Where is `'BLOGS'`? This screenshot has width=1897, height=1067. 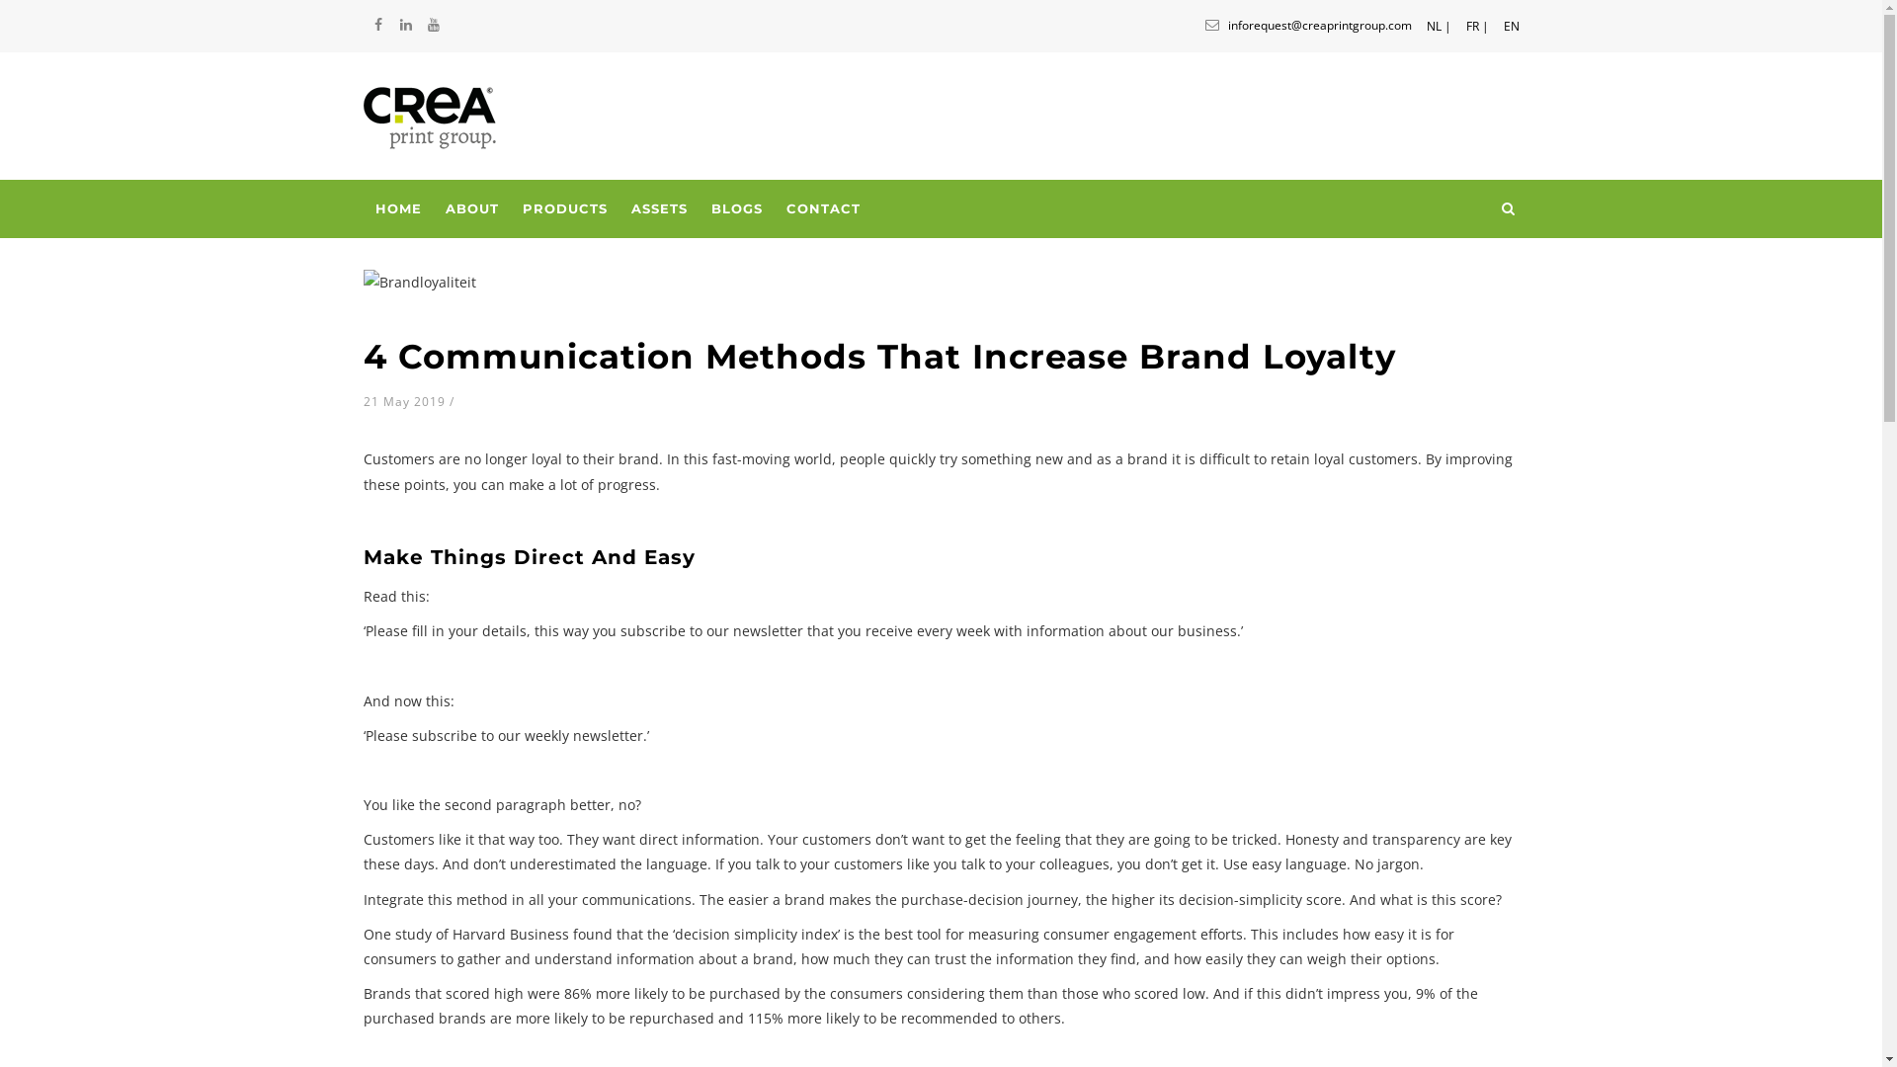
'BLOGS' is located at coordinates (735, 208).